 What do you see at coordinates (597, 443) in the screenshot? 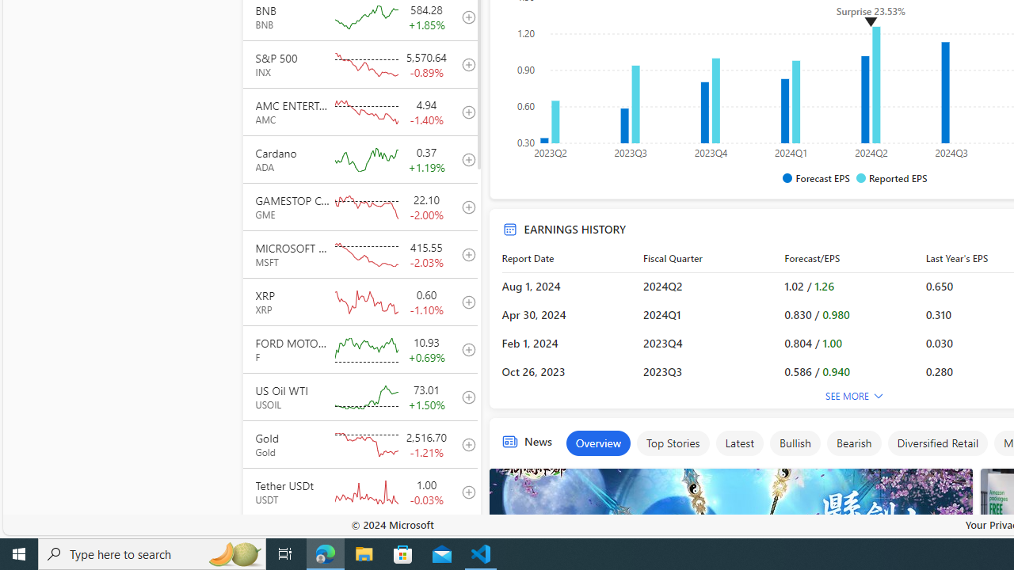
I see `'Overview'` at bounding box center [597, 443].